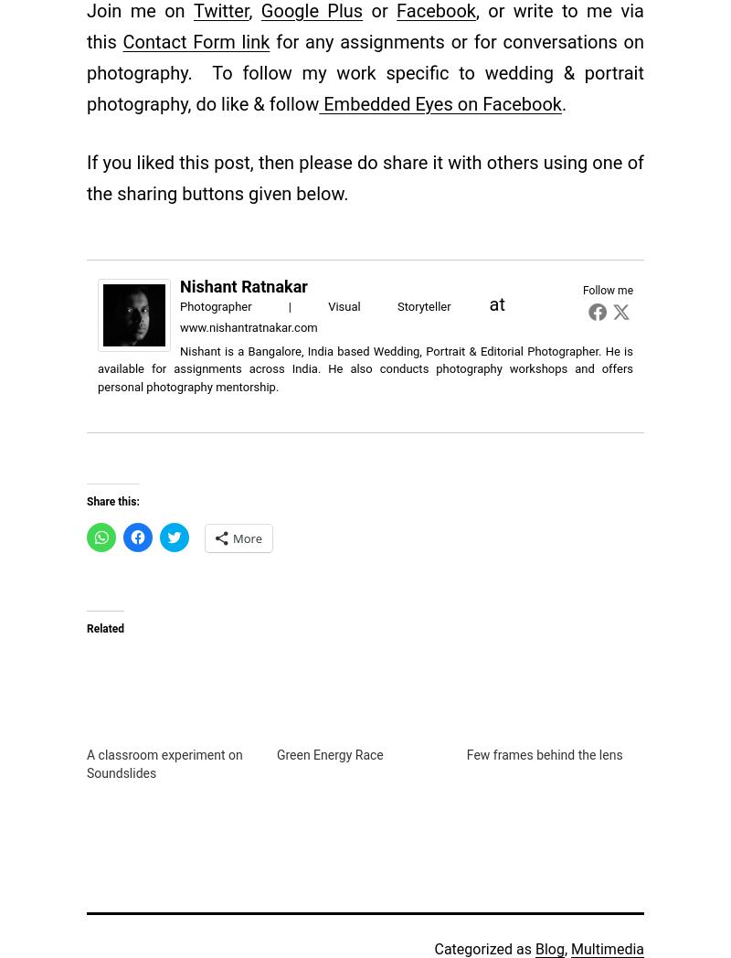  I want to click on 'If you liked this post, then please do share it with others using one of the sharing buttons given below.', so click(365, 176).